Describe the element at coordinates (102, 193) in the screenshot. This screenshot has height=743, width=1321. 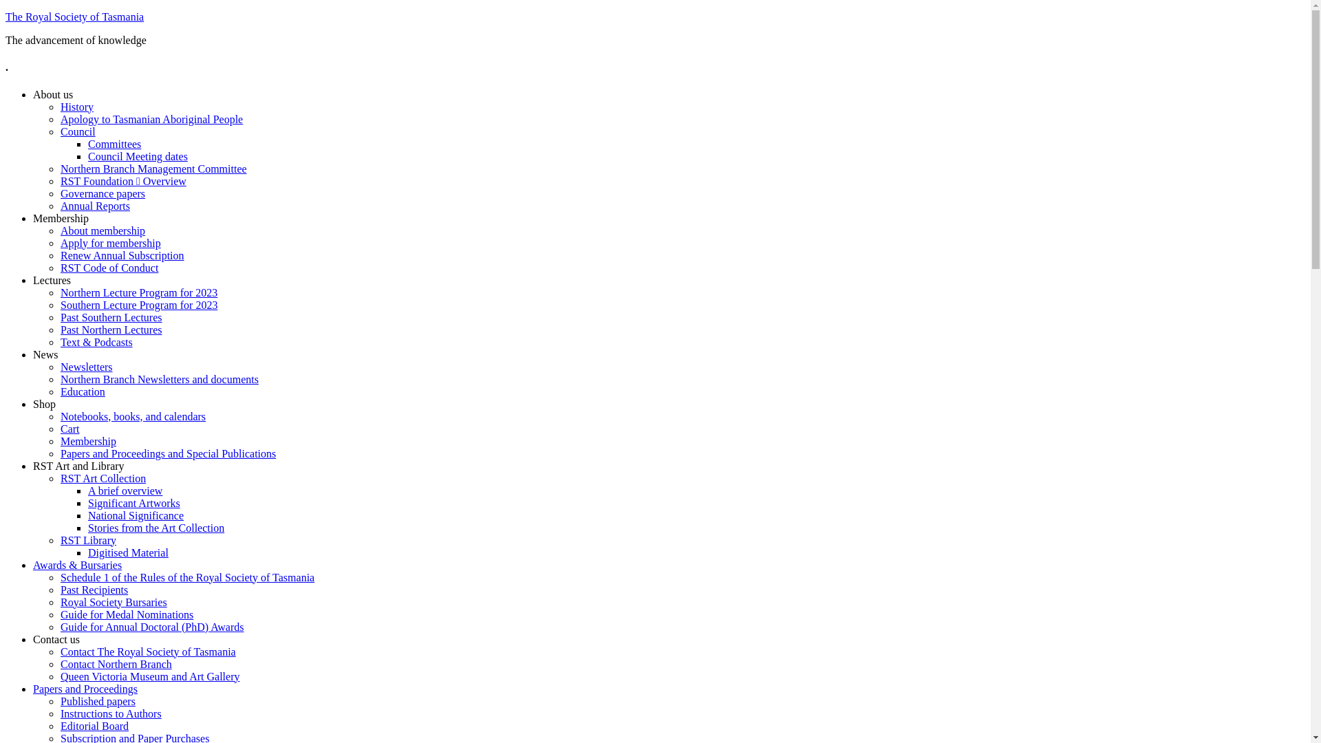
I see `'Governance papers'` at that location.